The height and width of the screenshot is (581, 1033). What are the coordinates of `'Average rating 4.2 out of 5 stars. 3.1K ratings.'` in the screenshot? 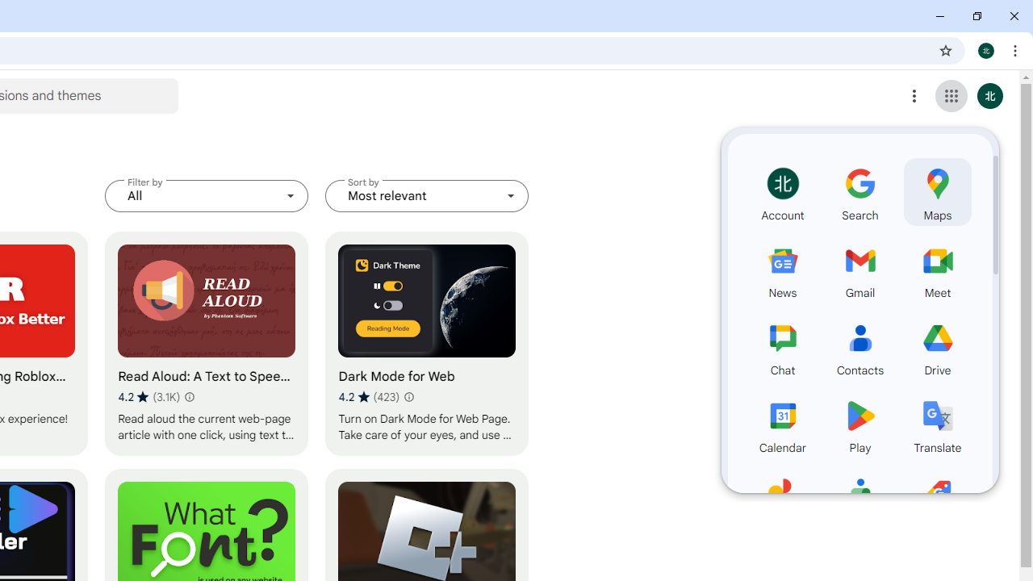 It's located at (148, 396).